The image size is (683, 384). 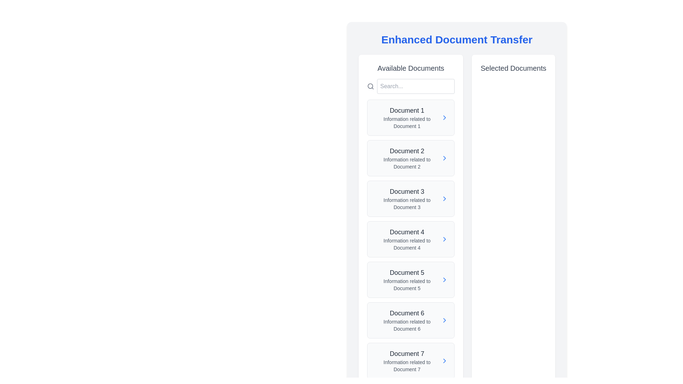 I want to click on the chevron icon located at the far right of the card for 'Document 7' in the 'Available Documents' section, so click(x=444, y=361).